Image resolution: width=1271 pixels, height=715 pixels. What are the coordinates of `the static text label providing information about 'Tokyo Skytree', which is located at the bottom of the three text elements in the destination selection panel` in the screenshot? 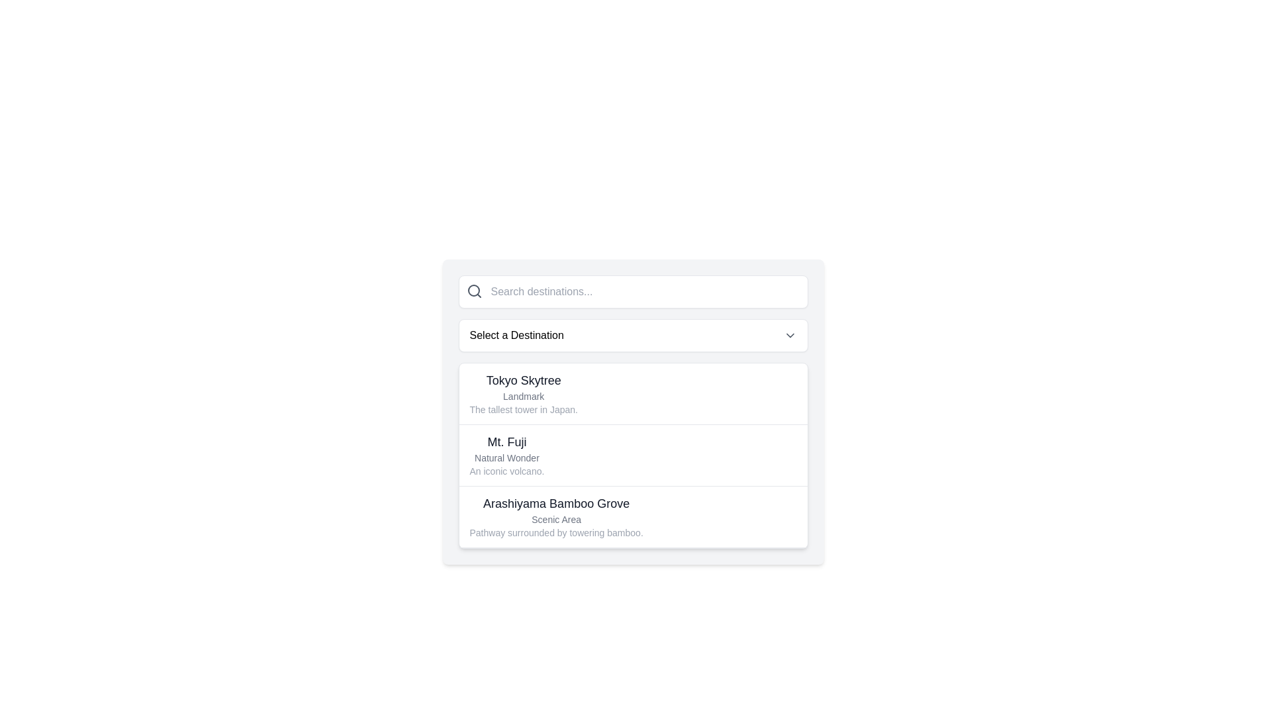 It's located at (523, 408).